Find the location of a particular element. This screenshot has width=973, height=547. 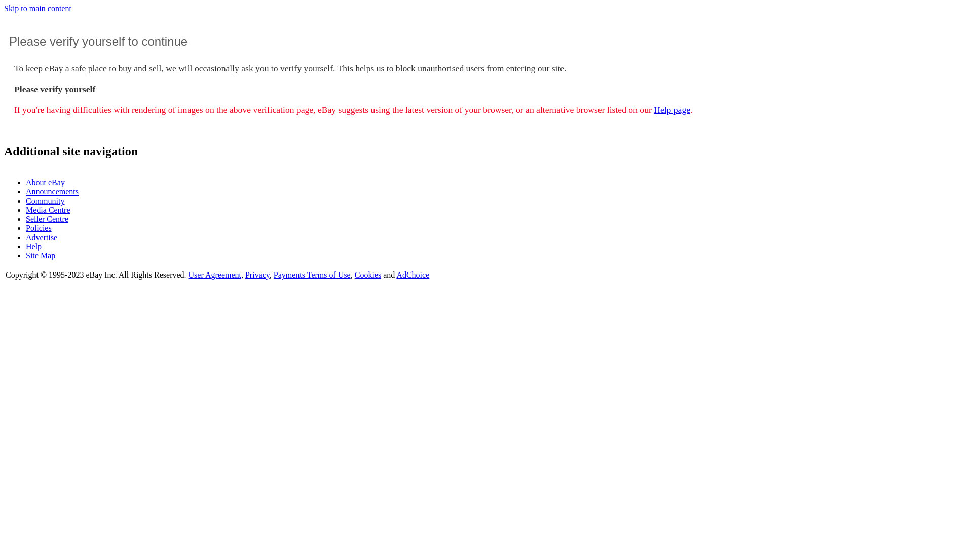

'Community' is located at coordinates (45, 201).